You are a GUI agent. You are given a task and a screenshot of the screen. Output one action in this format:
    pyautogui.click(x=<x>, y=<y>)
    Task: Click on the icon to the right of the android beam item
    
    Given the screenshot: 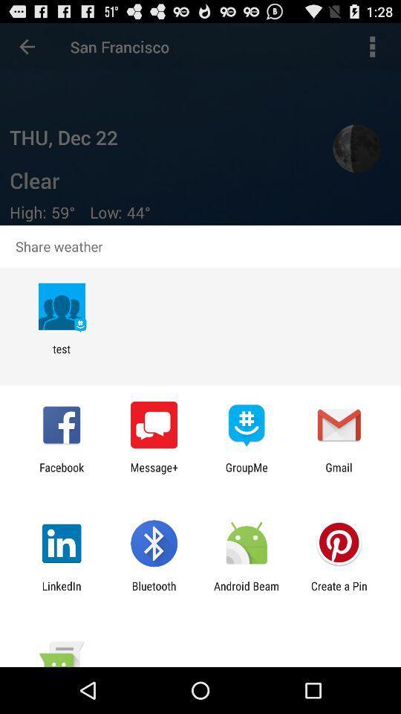 What is the action you would take?
    pyautogui.click(x=339, y=592)
    